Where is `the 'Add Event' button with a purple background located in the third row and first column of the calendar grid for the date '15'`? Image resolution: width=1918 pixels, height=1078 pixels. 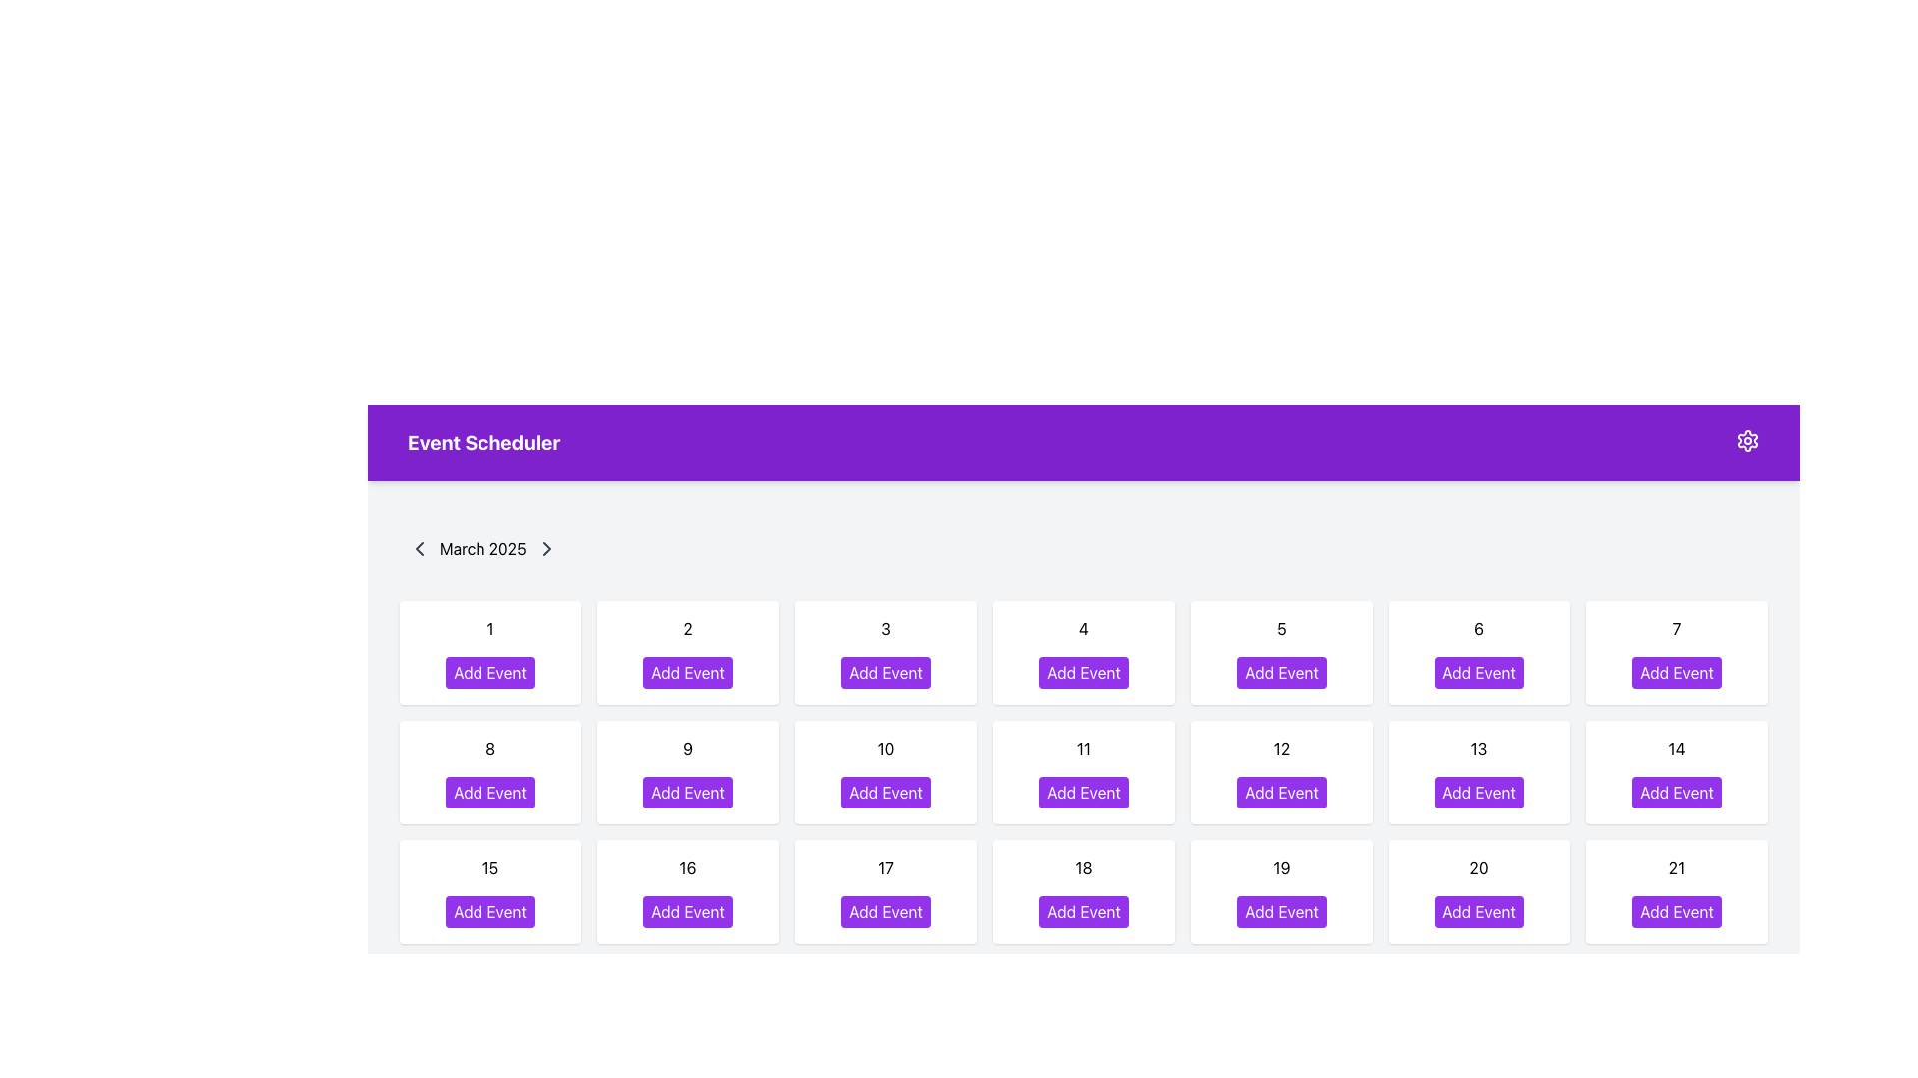
the 'Add Event' button with a purple background located in the third row and first column of the calendar grid for the date '15' is located at coordinates (489, 912).